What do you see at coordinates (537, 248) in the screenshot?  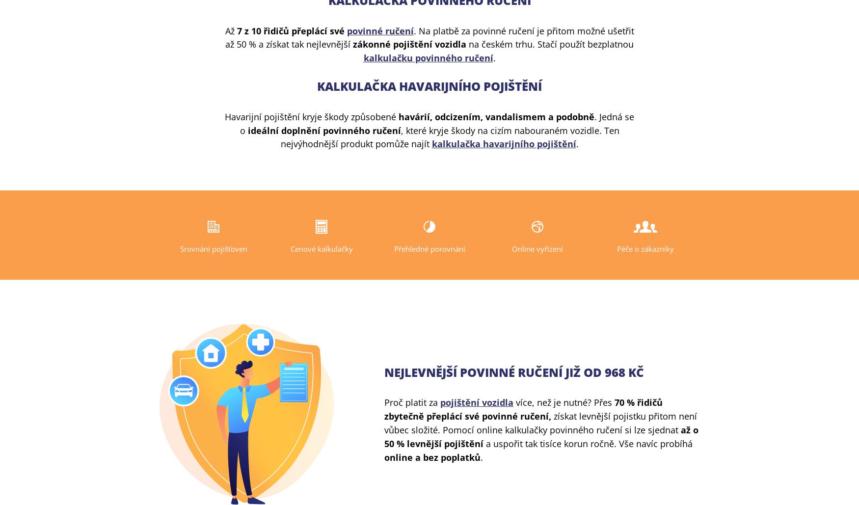 I see `'Online vyřízení'` at bounding box center [537, 248].